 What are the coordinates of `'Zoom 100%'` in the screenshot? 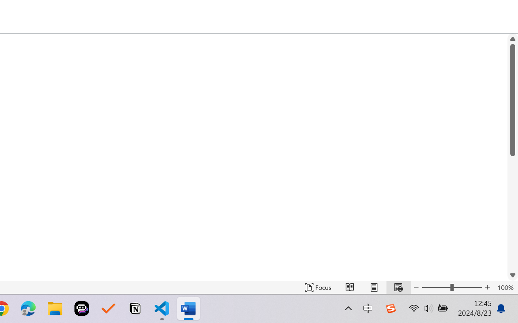 It's located at (505, 287).